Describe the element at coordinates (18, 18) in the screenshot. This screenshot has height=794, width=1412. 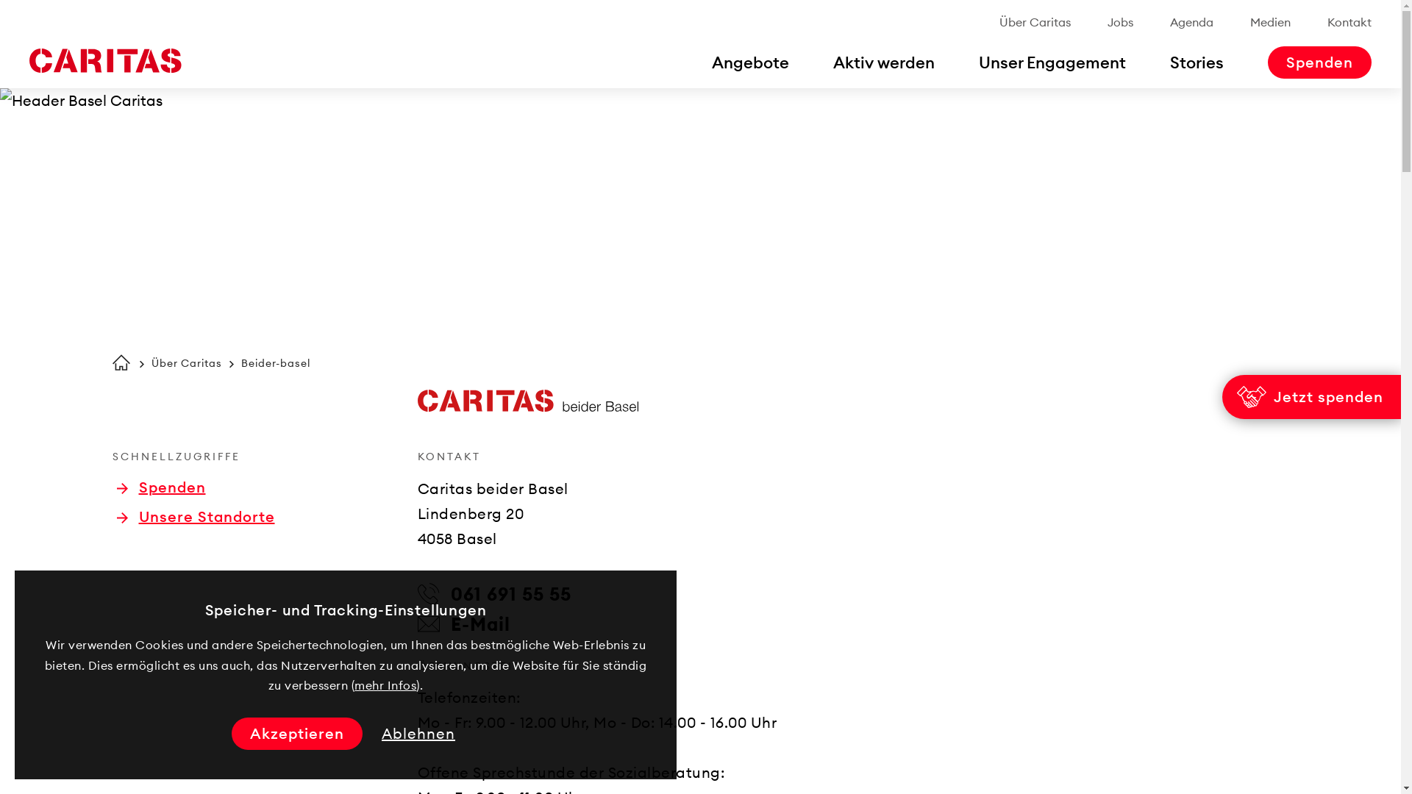
I see `'Open sub menu'` at that location.